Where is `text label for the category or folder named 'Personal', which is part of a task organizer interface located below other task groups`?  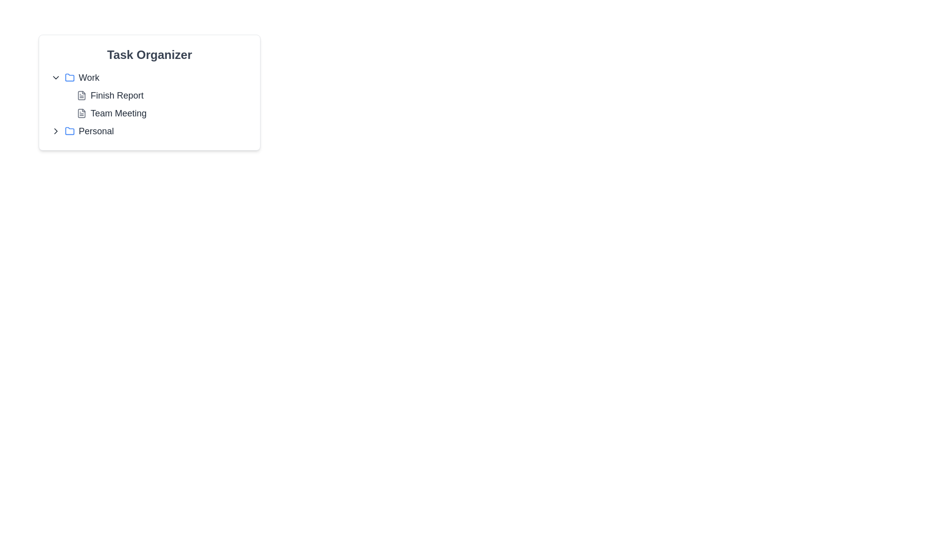 text label for the category or folder named 'Personal', which is part of a task organizer interface located below other task groups is located at coordinates (96, 131).